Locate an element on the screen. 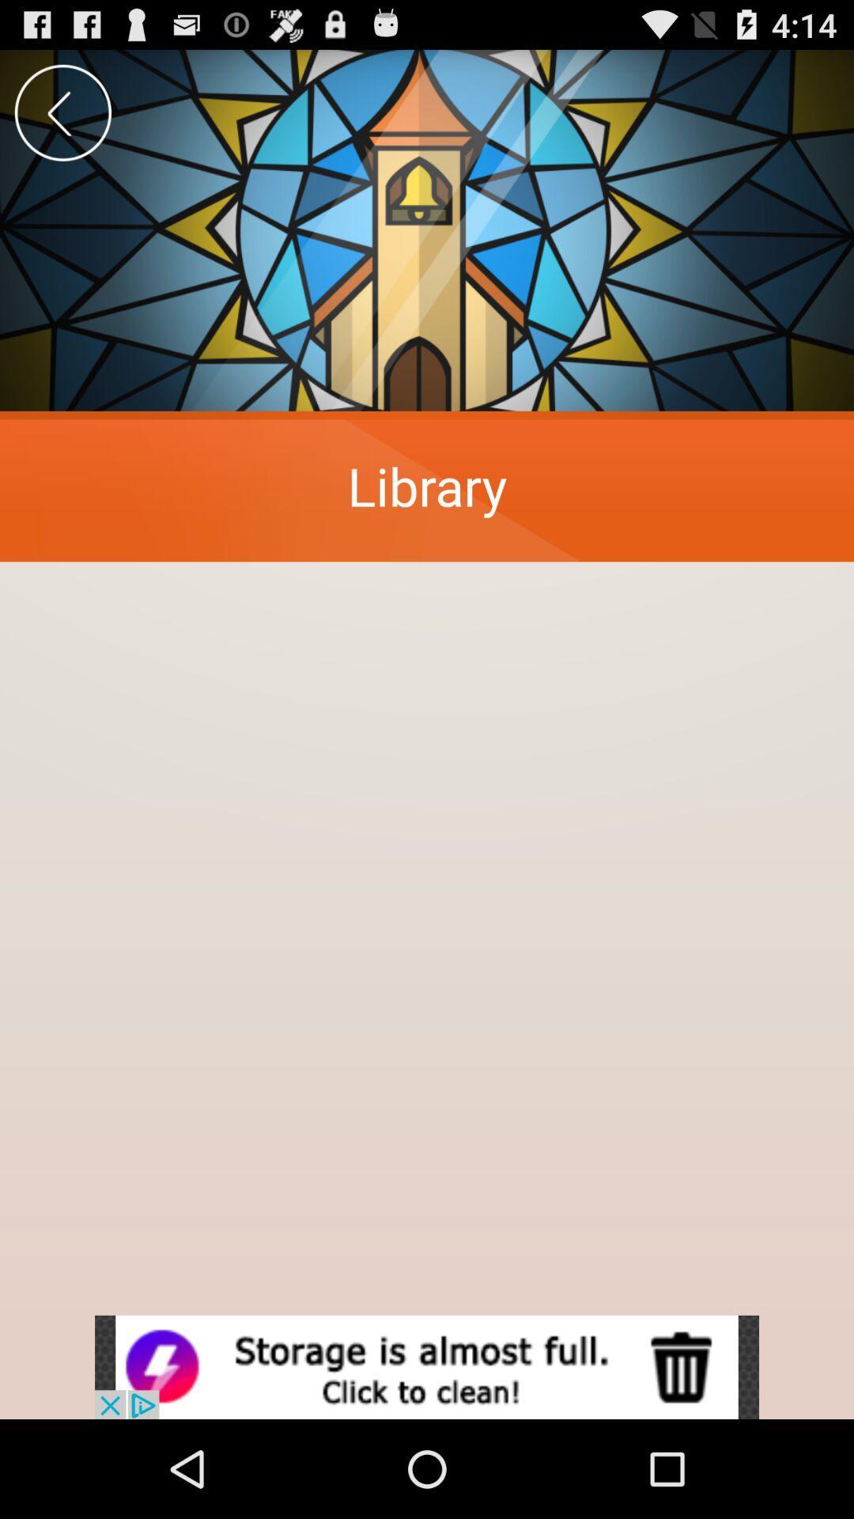 The width and height of the screenshot is (854, 1519). open advertisement is located at coordinates (427, 1366).